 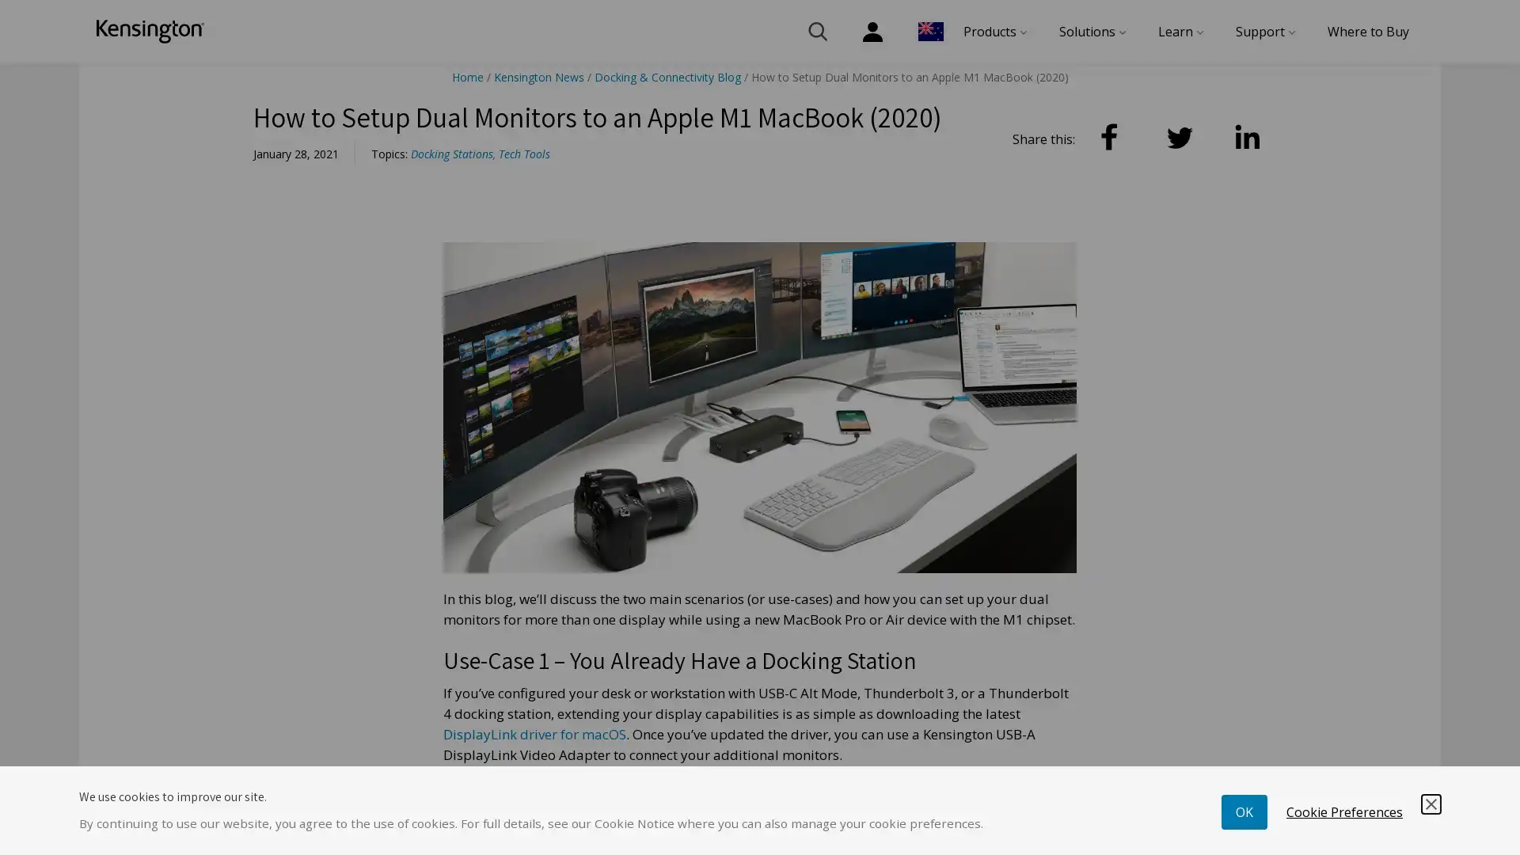 What do you see at coordinates (1246, 135) in the screenshot?
I see `LinkedIn` at bounding box center [1246, 135].